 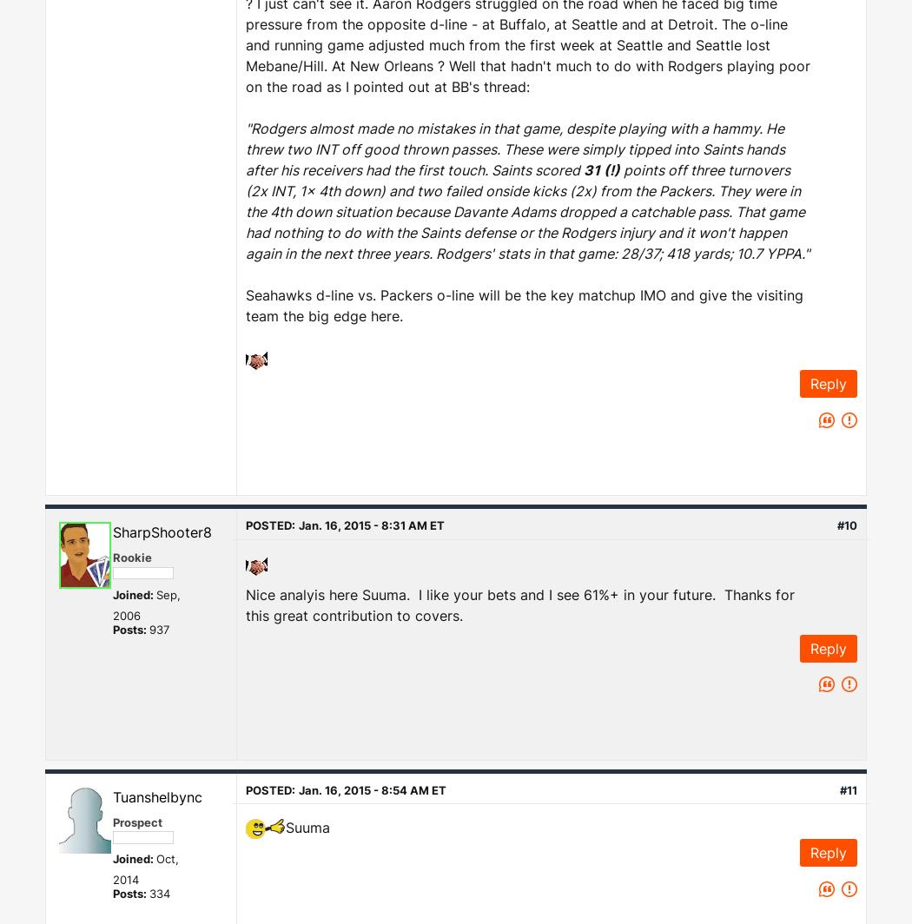 What do you see at coordinates (159, 629) in the screenshot?
I see `'937'` at bounding box center [159, 629].